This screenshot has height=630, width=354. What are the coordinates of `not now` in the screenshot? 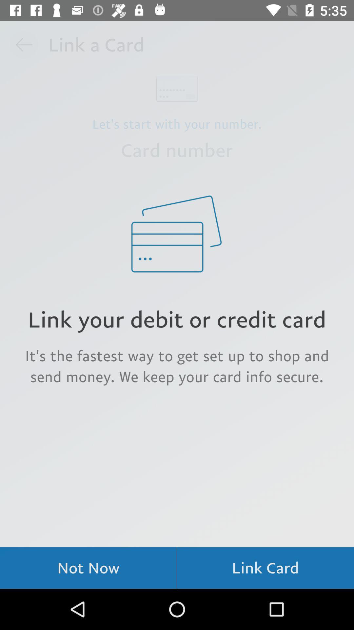 It's located at (88, 568).